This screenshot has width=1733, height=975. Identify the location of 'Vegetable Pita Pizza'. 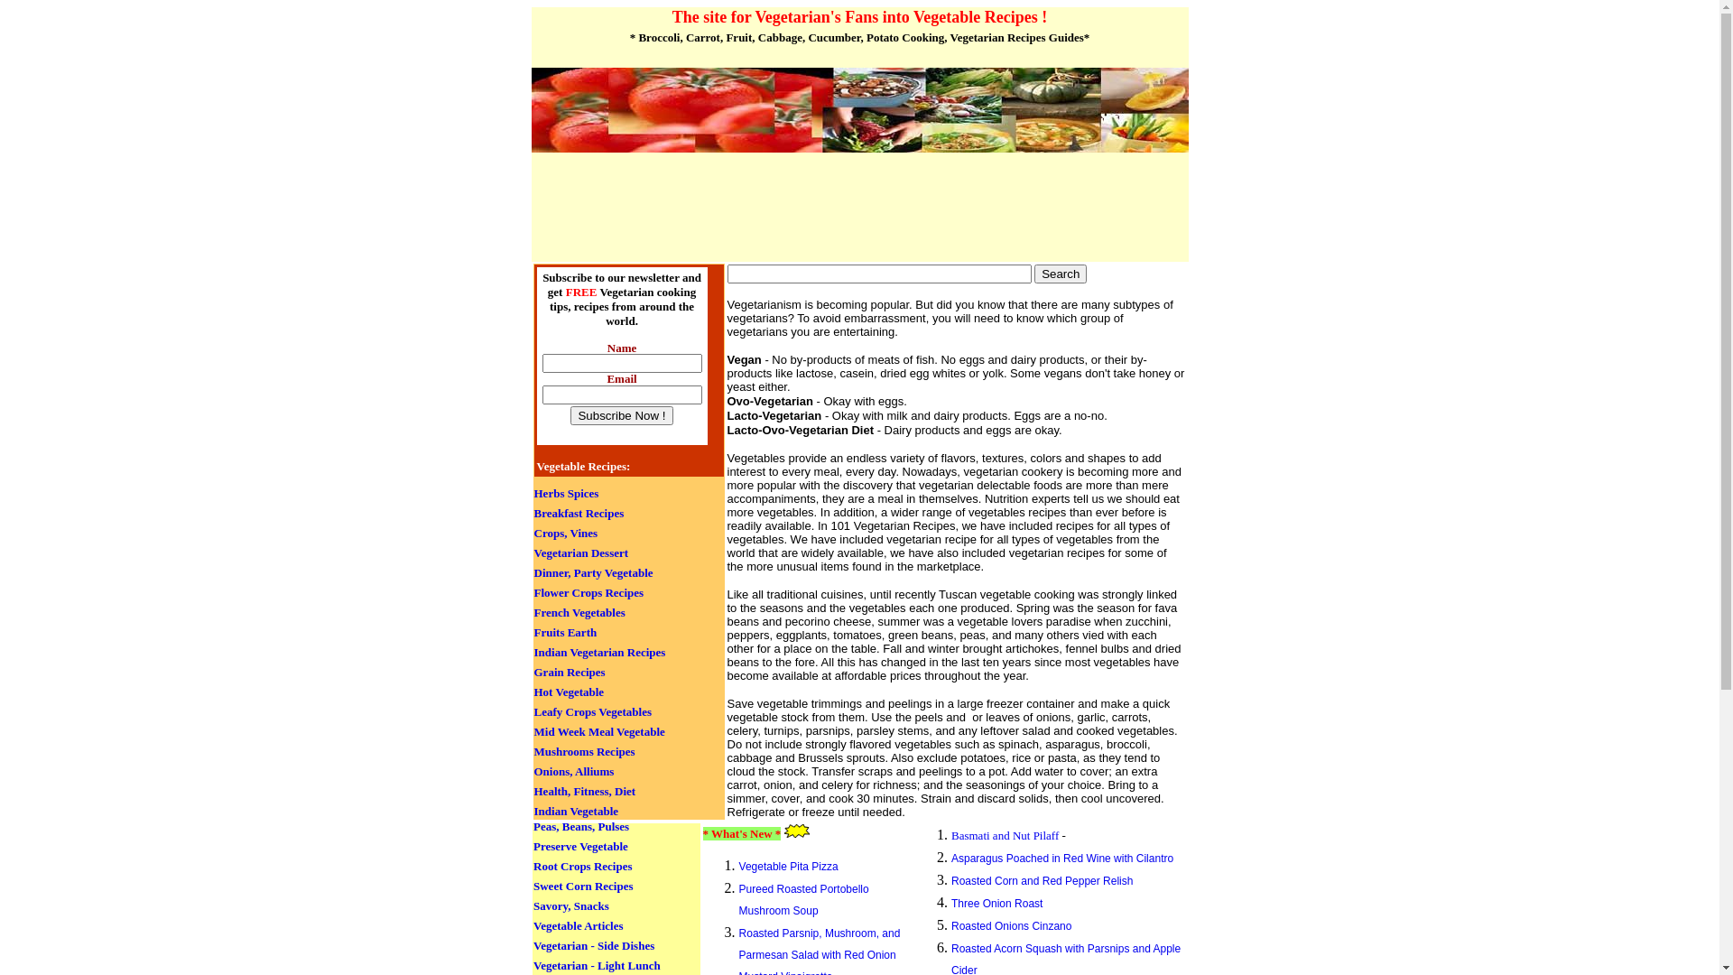
(788, 866).